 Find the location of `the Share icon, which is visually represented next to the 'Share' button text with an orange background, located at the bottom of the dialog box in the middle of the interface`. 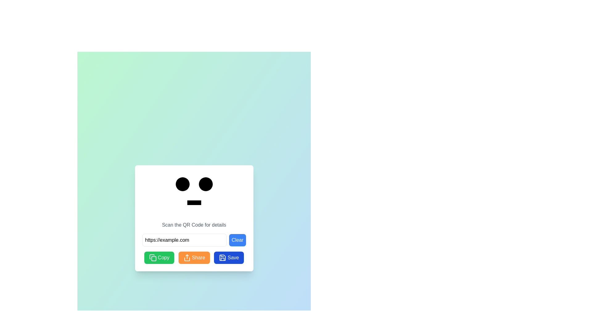

the Share icon, which is visually represented next to the 'Share' button text with an orange background, located at the bottom of the dialog box in the middle of the interface is located at coordinates (187, 258).